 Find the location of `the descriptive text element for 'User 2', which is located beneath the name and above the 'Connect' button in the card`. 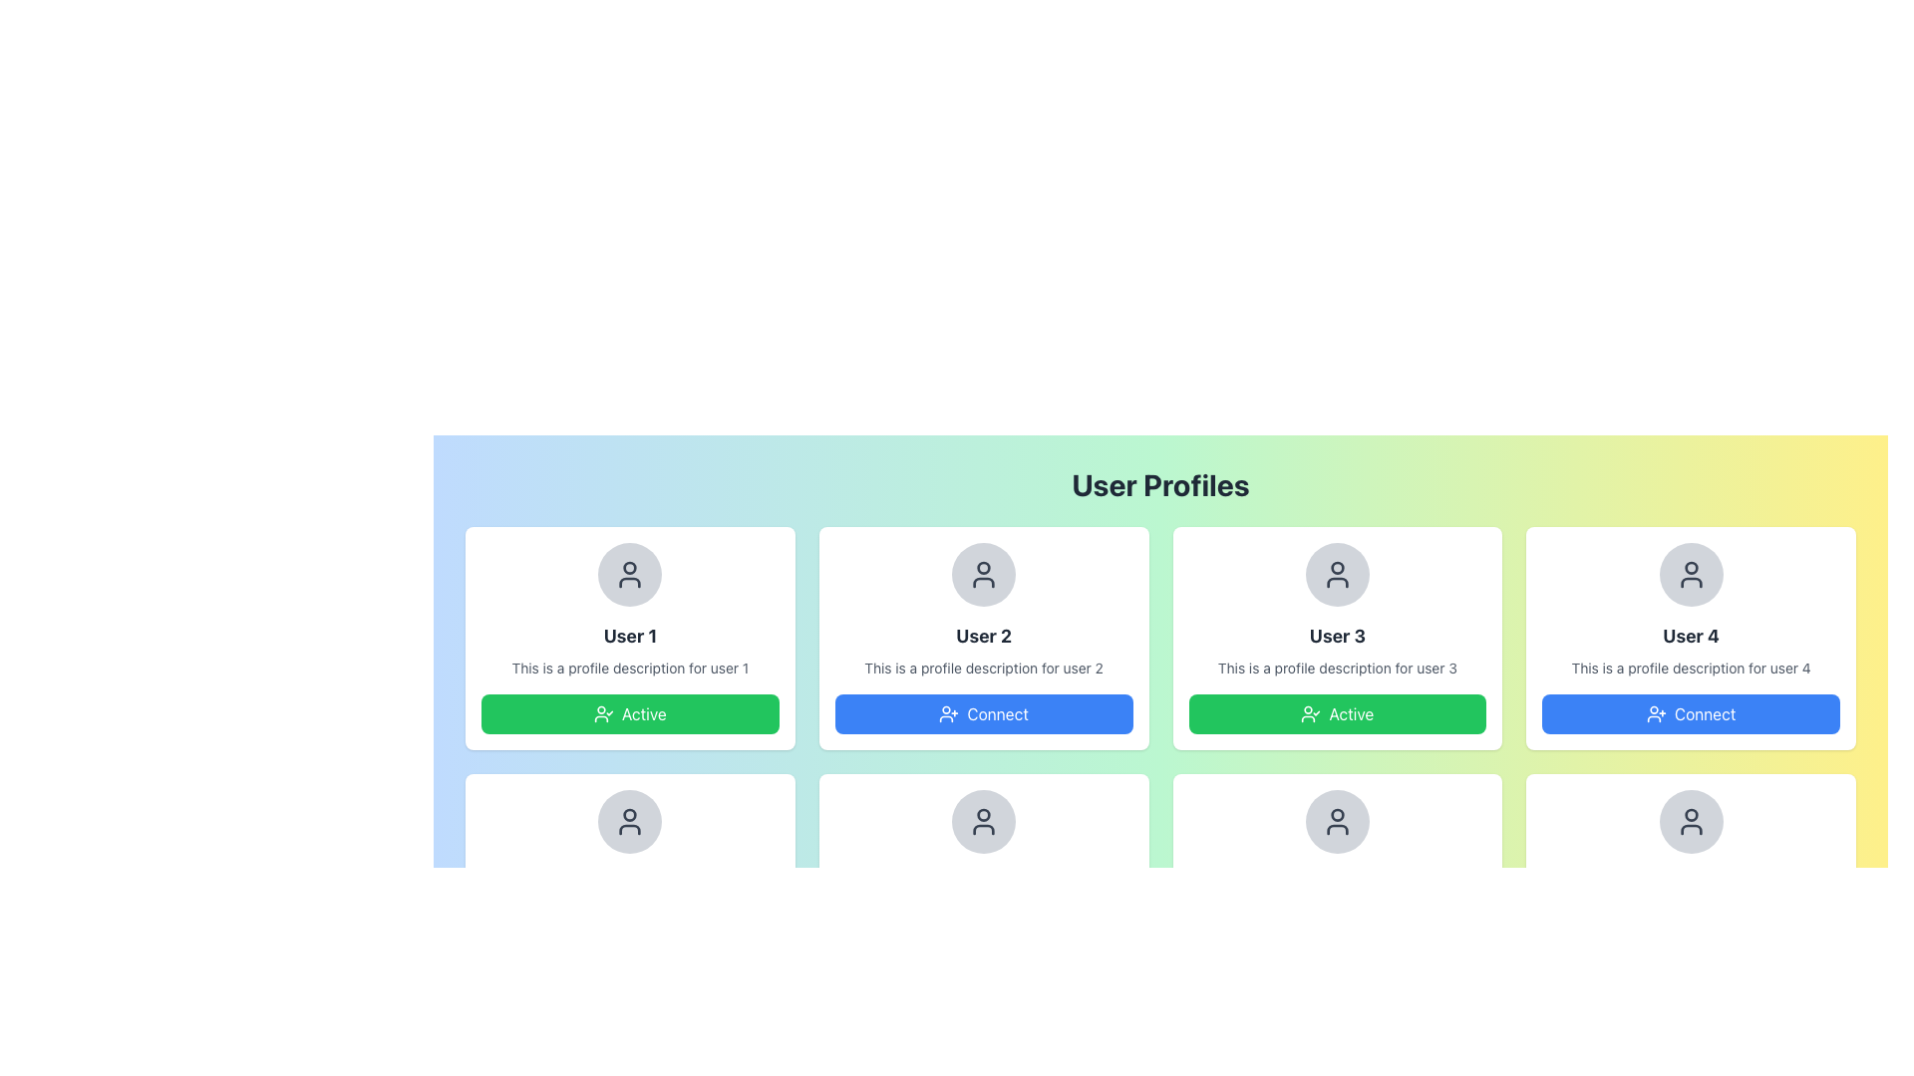

the descriptive text element for 'User 2', which is located beneath the name and above the 'Connect' button in the card is located at coordinates (984, 669).